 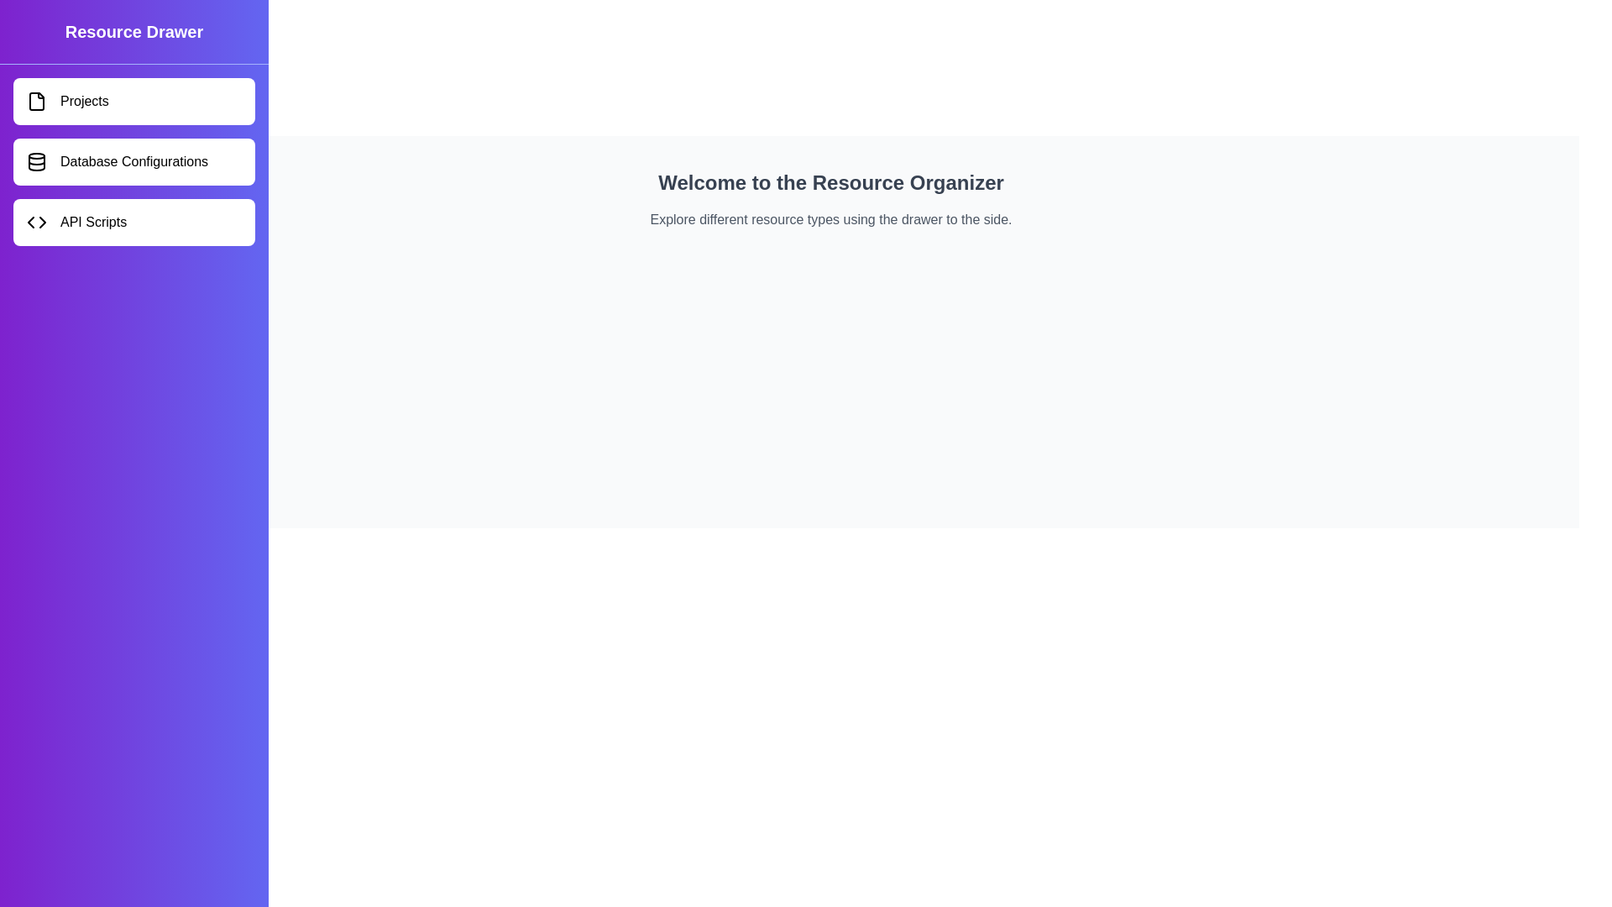 What do you see at coordinates (39, 148) in the screenshot?
I see `the button at the top-left corner to toggle the drawer visibility` at bounding box center [39, 148].